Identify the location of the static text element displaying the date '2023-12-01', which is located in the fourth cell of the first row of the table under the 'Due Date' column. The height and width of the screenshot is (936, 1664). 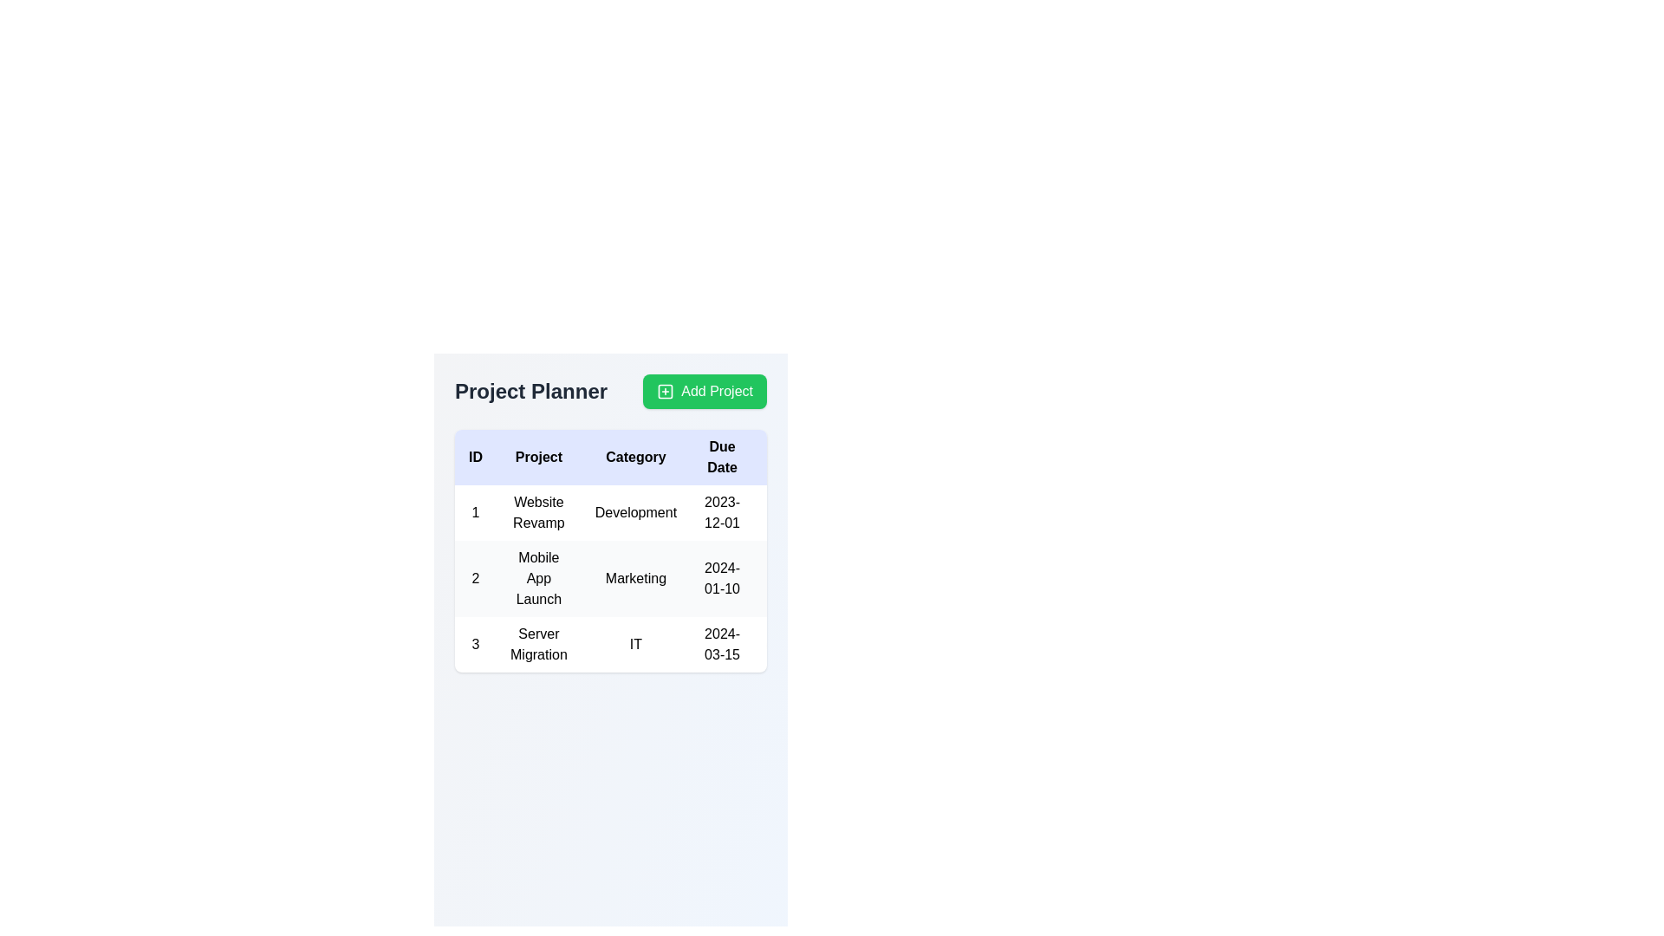
(722, 511).